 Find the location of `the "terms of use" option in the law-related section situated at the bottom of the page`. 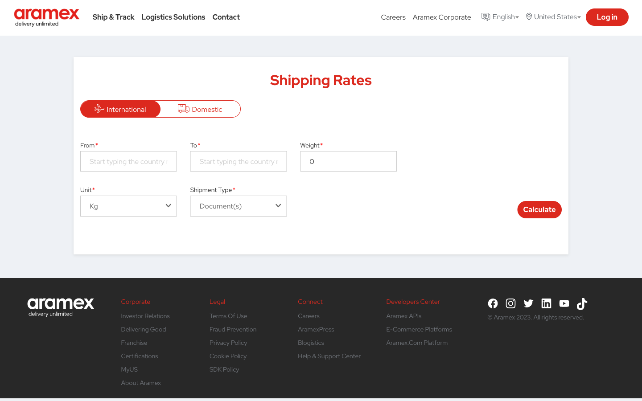

the "terms of use" option in the law-related section situated at the bottom of the page is located at coordinates (228, 315).